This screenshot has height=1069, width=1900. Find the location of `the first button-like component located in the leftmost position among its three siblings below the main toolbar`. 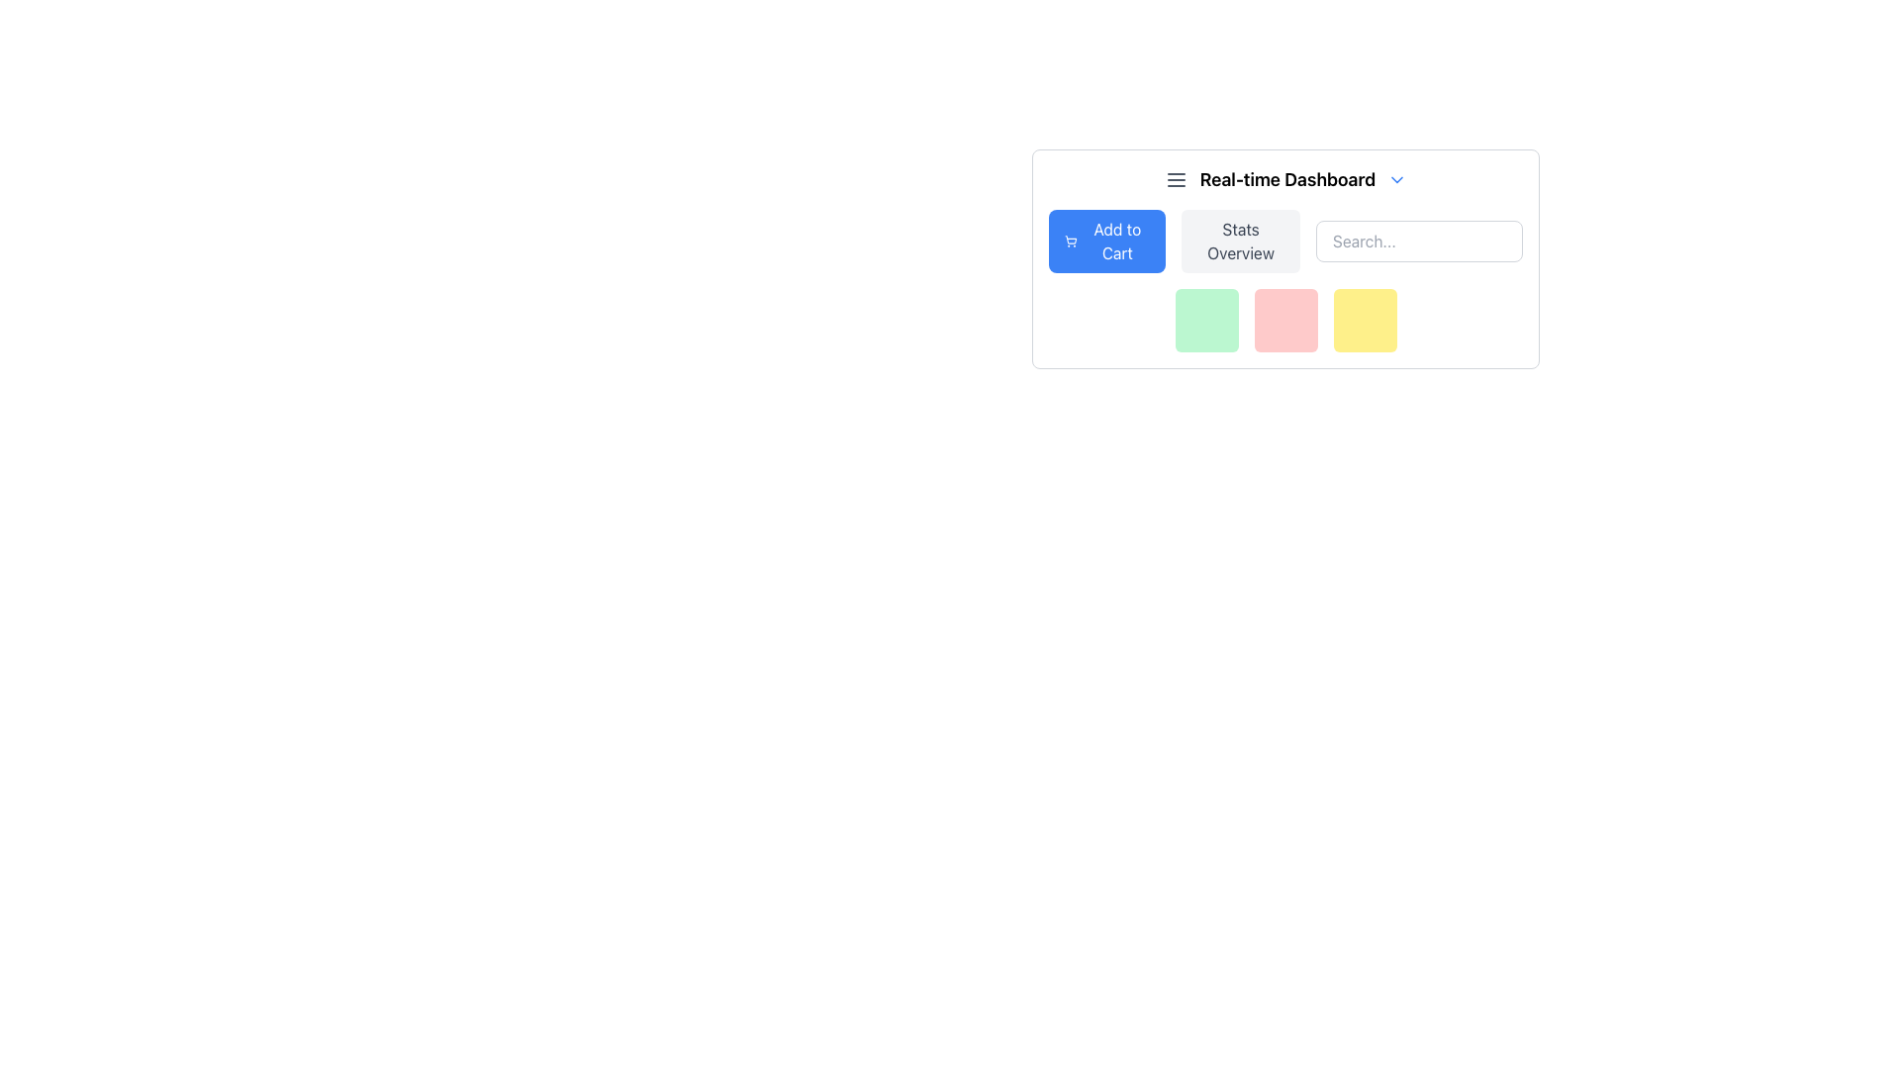

the first button-like component located in the leftmost position among its three siblings below the main toolbar is located at coordinates (1205, 320).